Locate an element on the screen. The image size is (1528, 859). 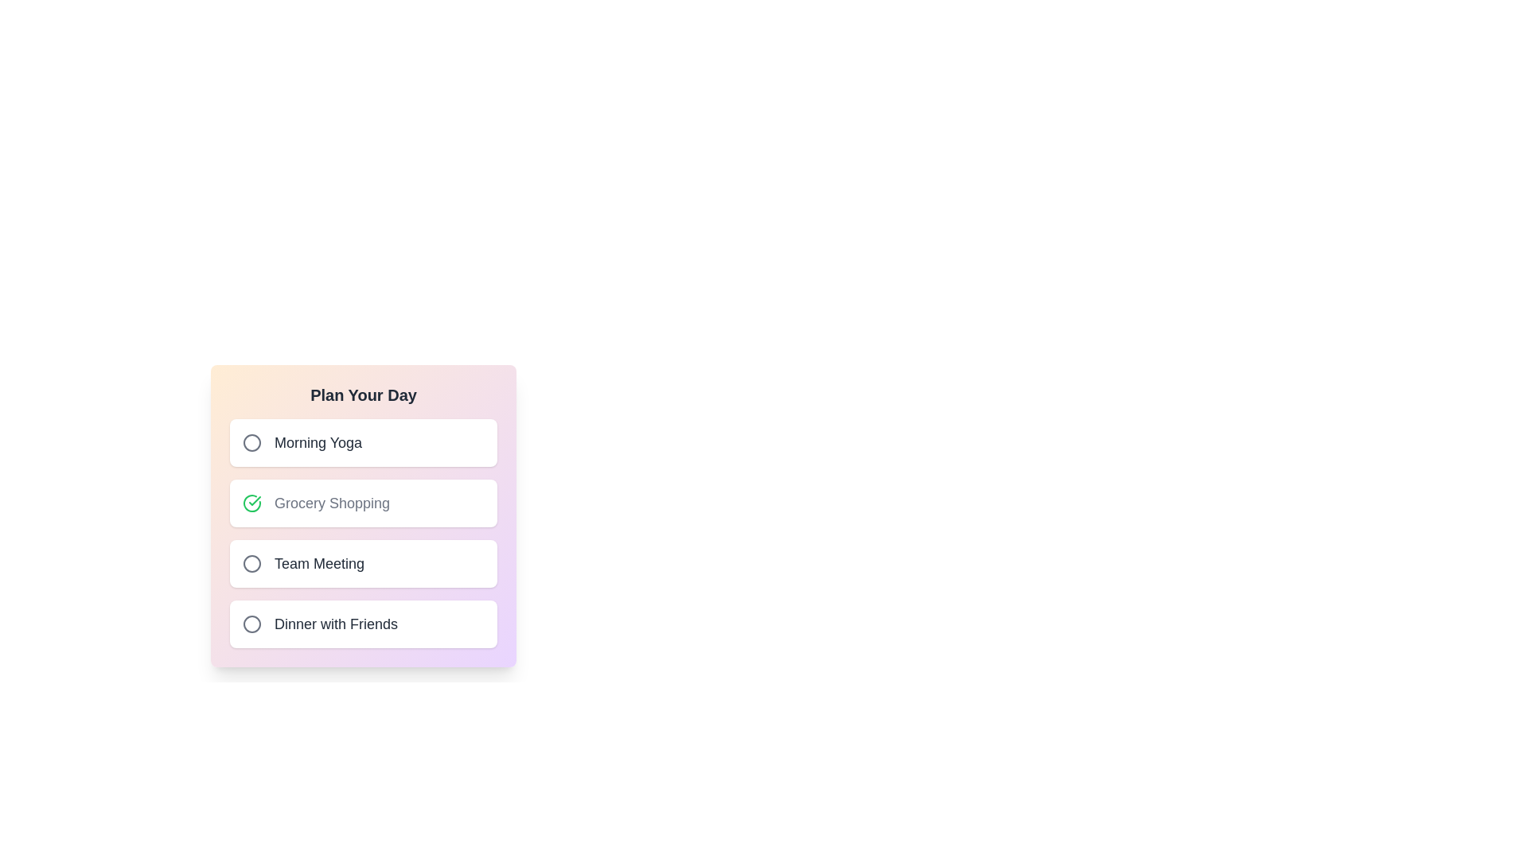
the activity identified by Morning Yoga is located at coordinates (251, 442).